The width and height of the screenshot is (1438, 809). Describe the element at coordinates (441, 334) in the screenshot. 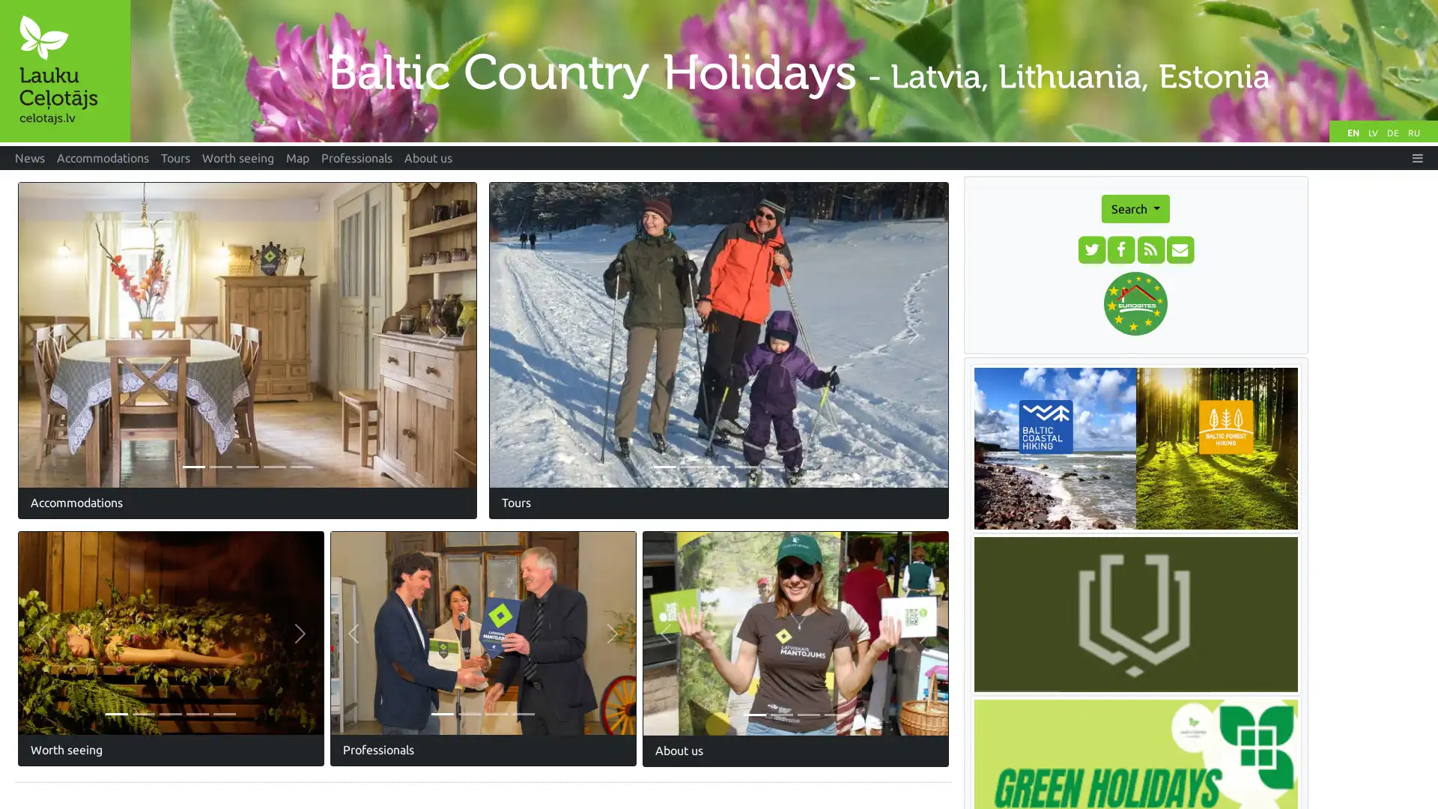

I see `Next` at that location.